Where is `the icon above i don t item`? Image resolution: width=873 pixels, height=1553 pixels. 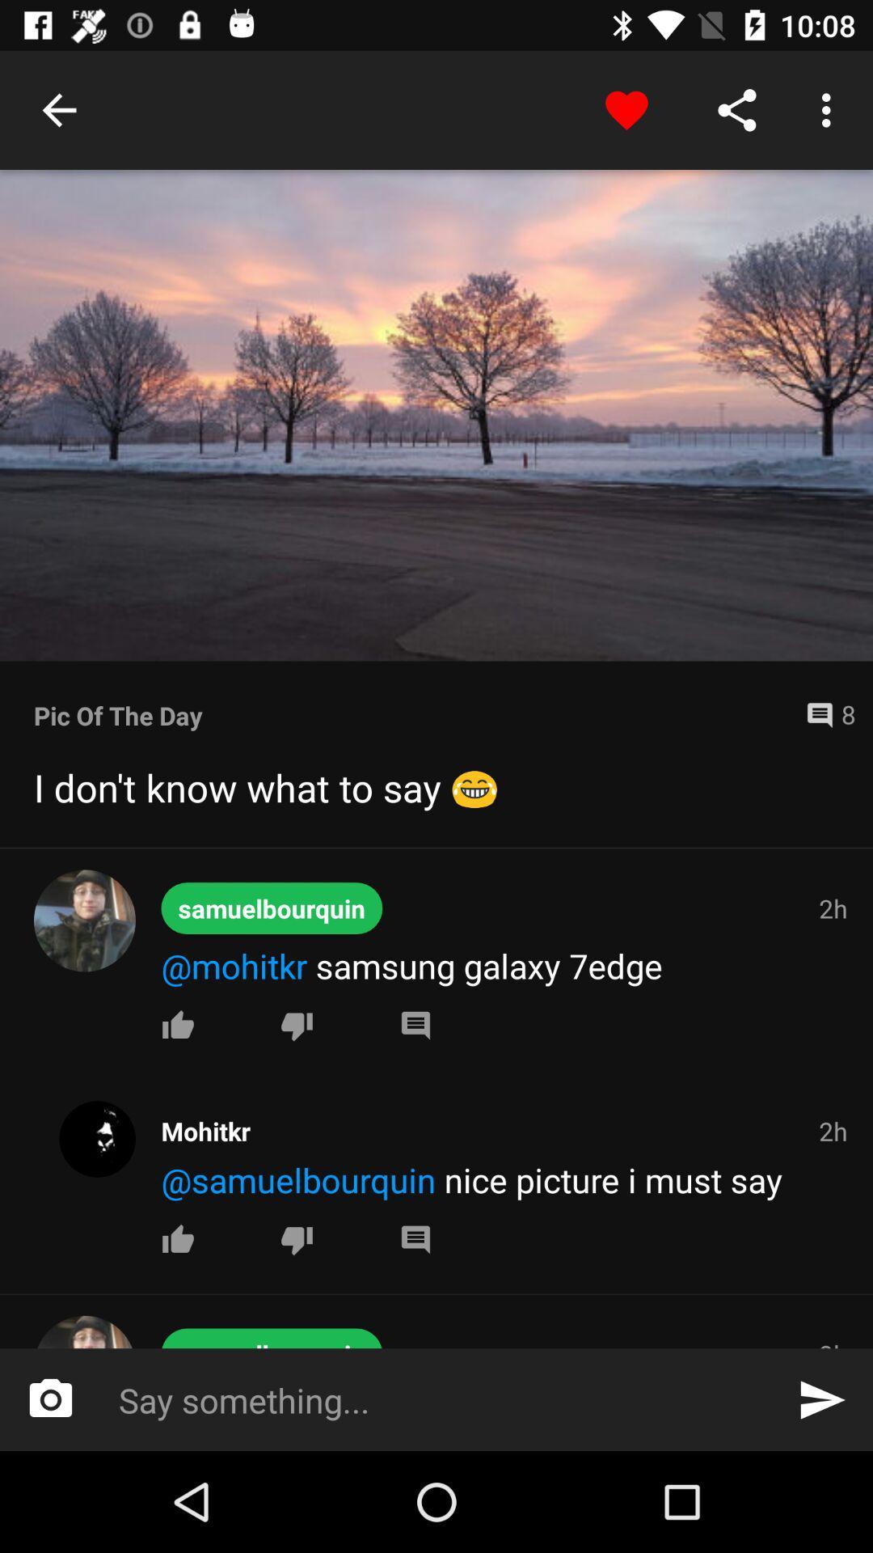 the icon above i don t item is located at coordinates (412, 714).